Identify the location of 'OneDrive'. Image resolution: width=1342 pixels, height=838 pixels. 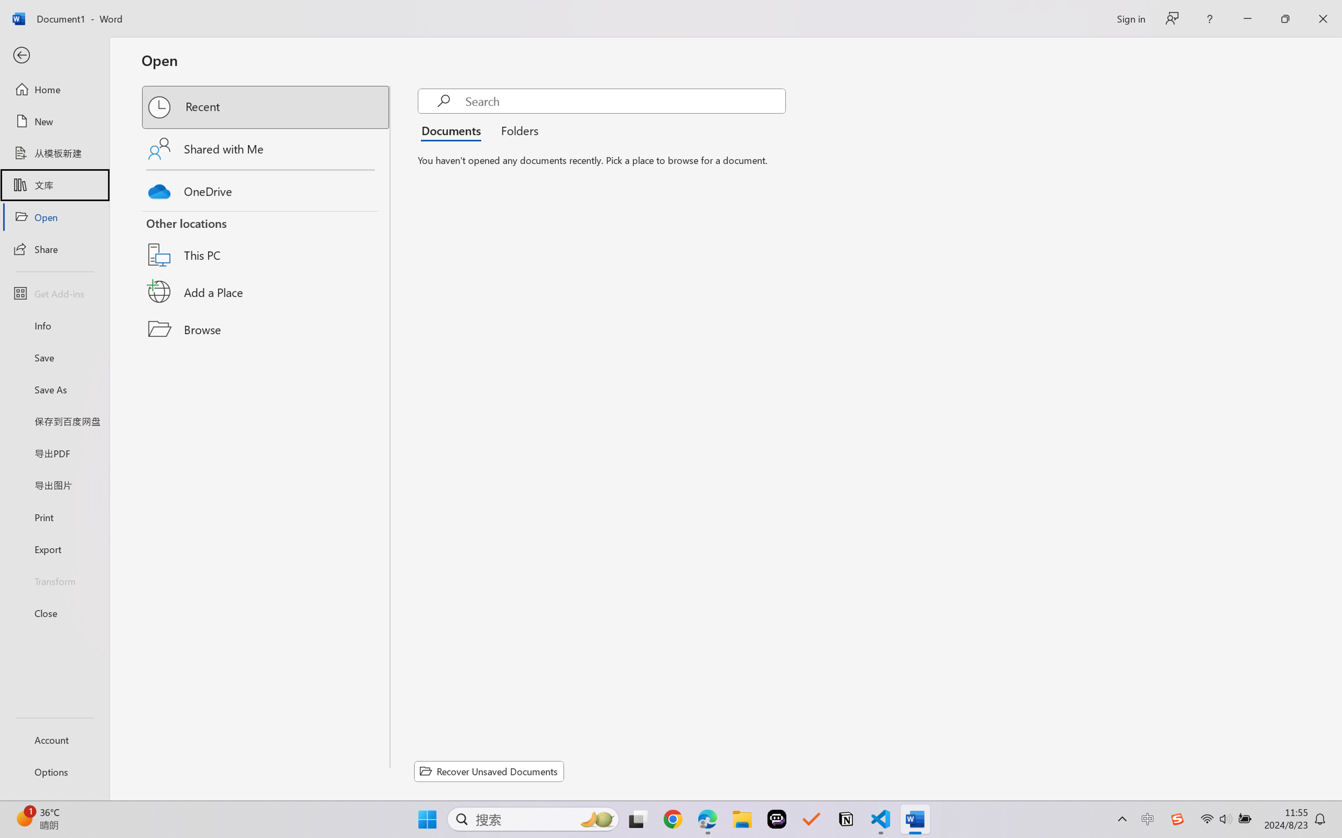
(266, 188).